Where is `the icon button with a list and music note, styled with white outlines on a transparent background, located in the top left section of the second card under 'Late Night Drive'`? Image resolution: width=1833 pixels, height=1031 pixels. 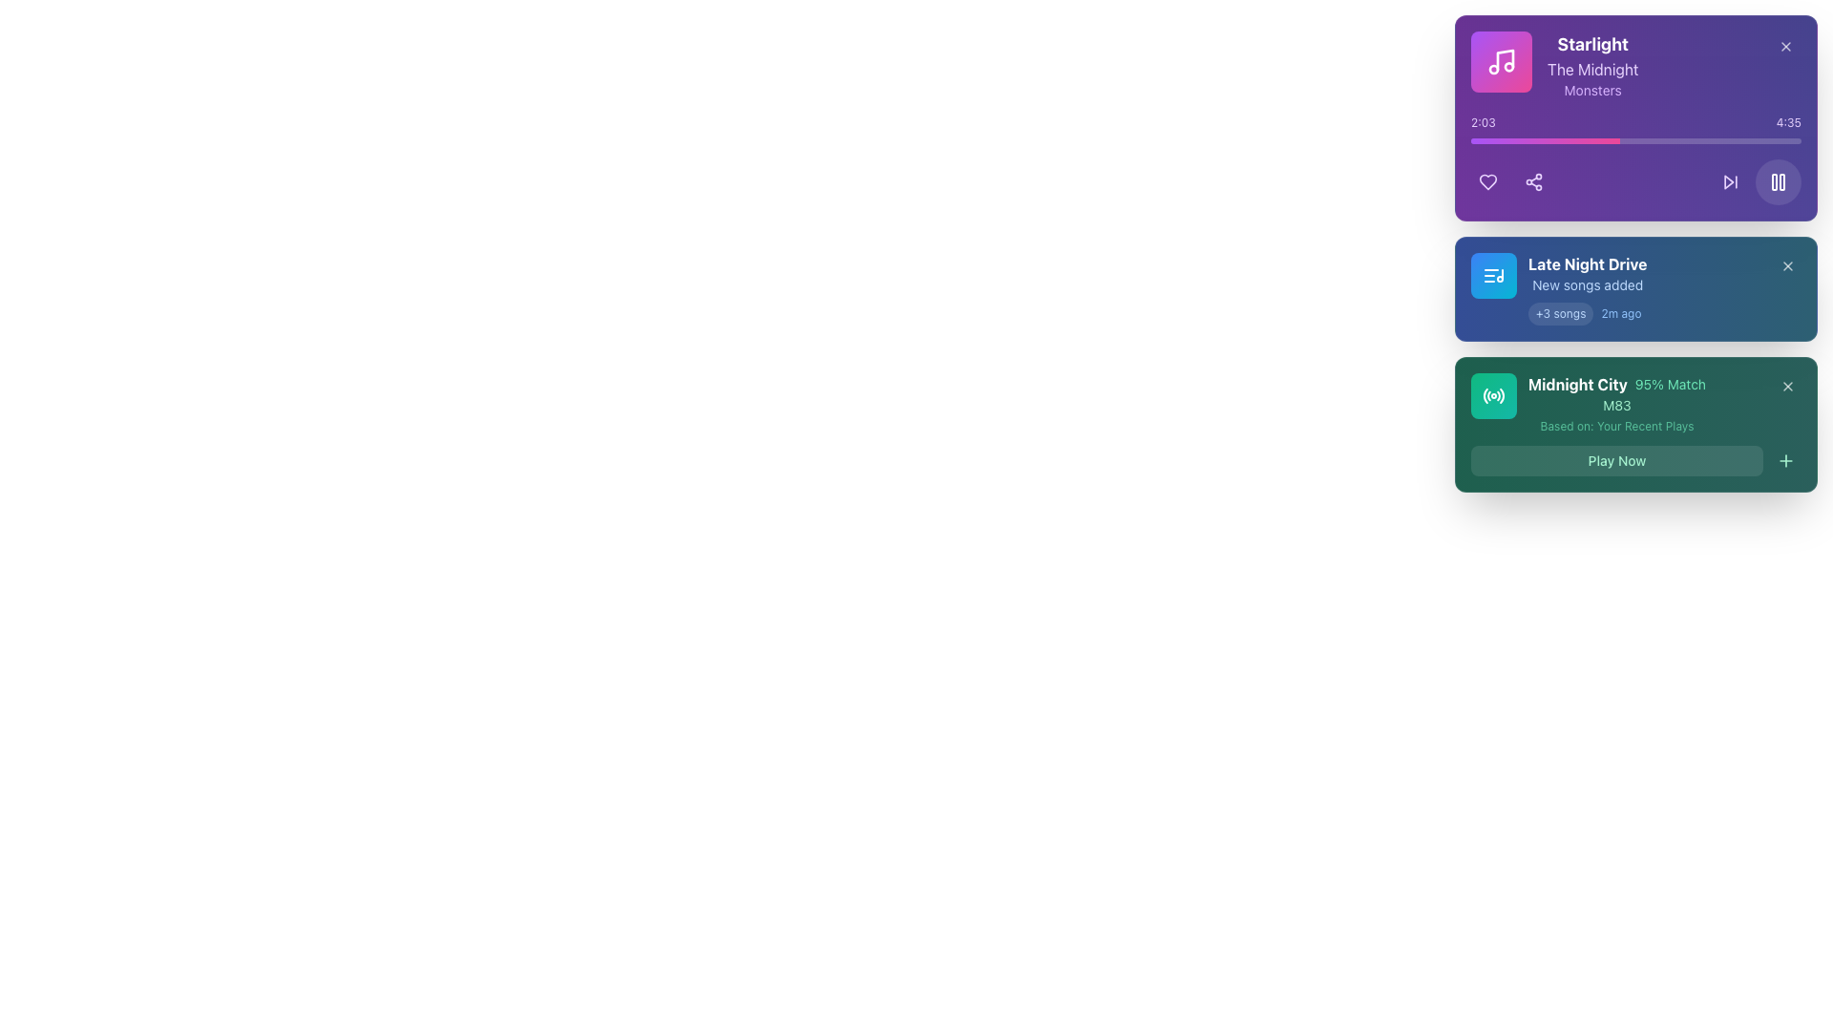
the icon button with a list and music note, styled with white outlines on a transparent background, located in the top left section of the second card under 'Late Night Drive' is located at coordinates (1492, 276).